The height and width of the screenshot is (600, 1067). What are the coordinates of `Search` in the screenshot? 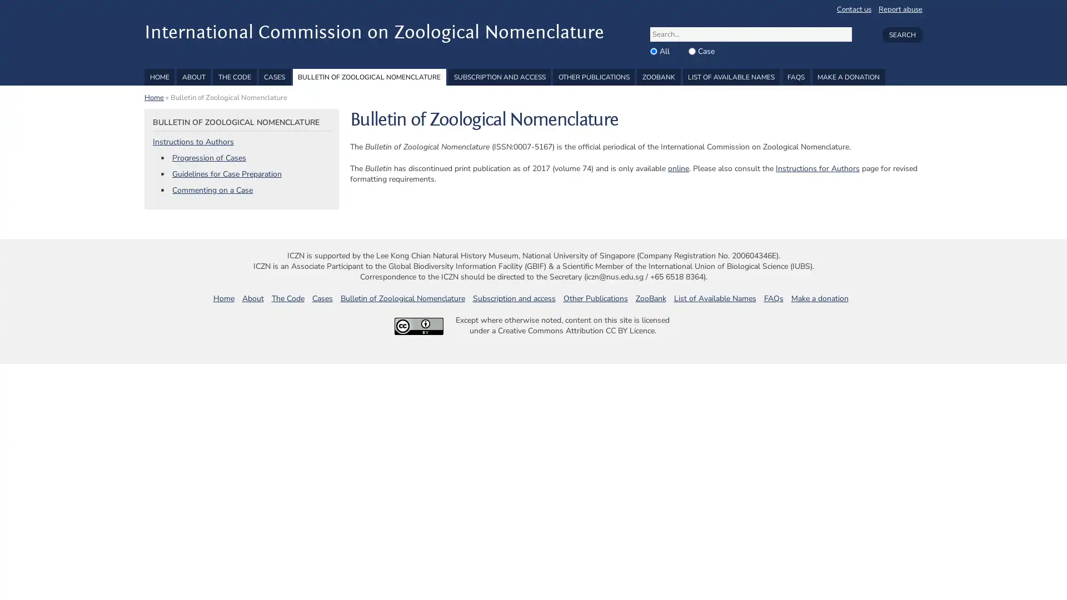 It's located at (901, 34).